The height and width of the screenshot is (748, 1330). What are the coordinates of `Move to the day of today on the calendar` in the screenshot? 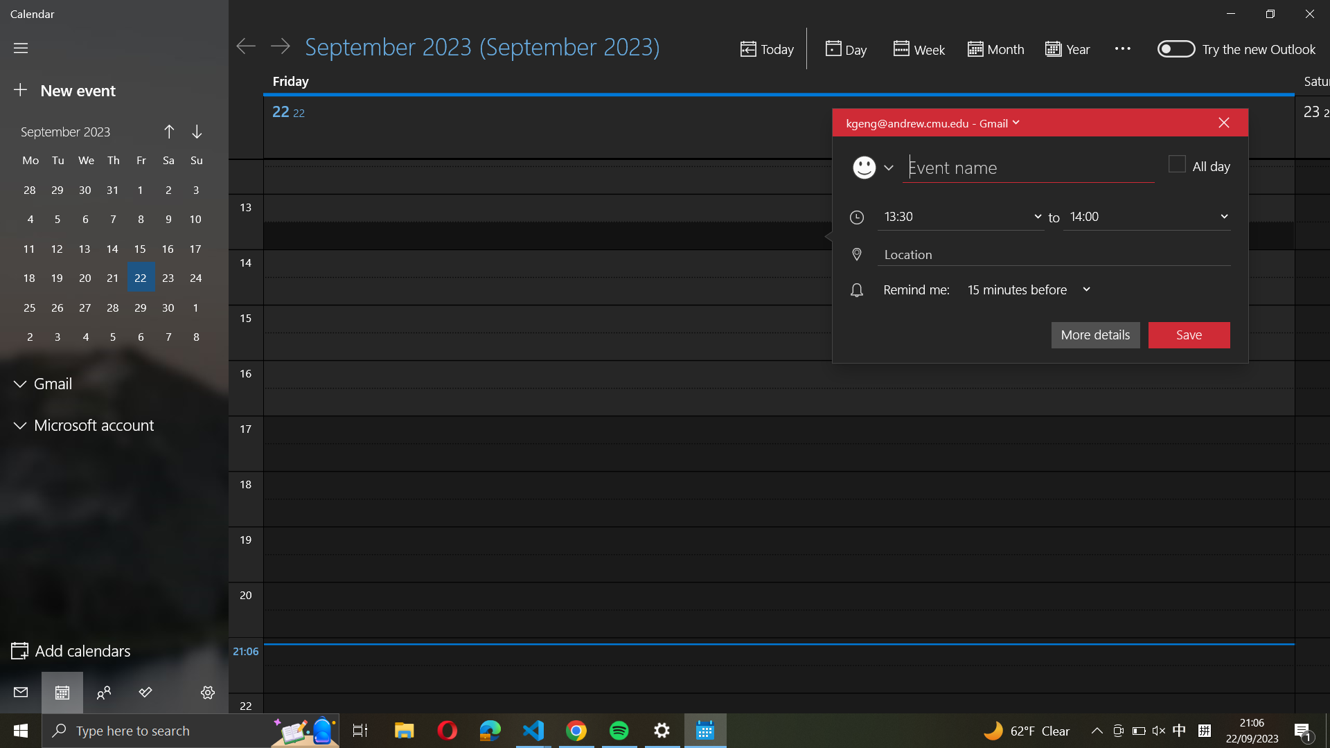 It's located at (765, 49).